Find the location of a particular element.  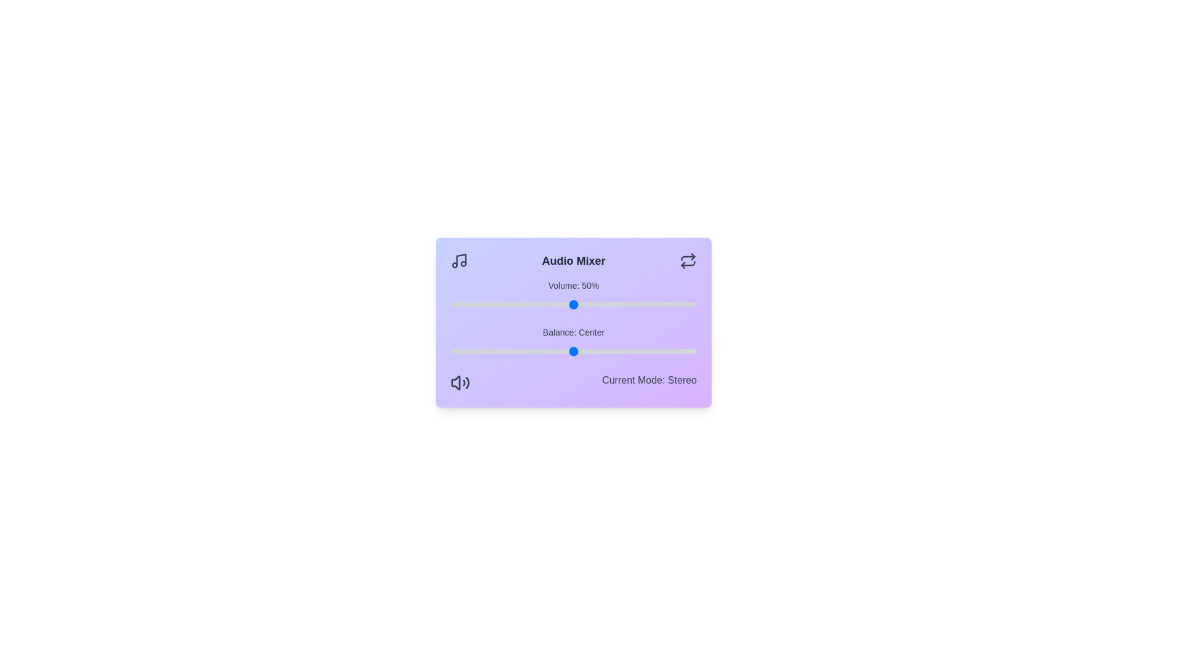

the balance slider to -48 value is located at coordinates (454, 351).